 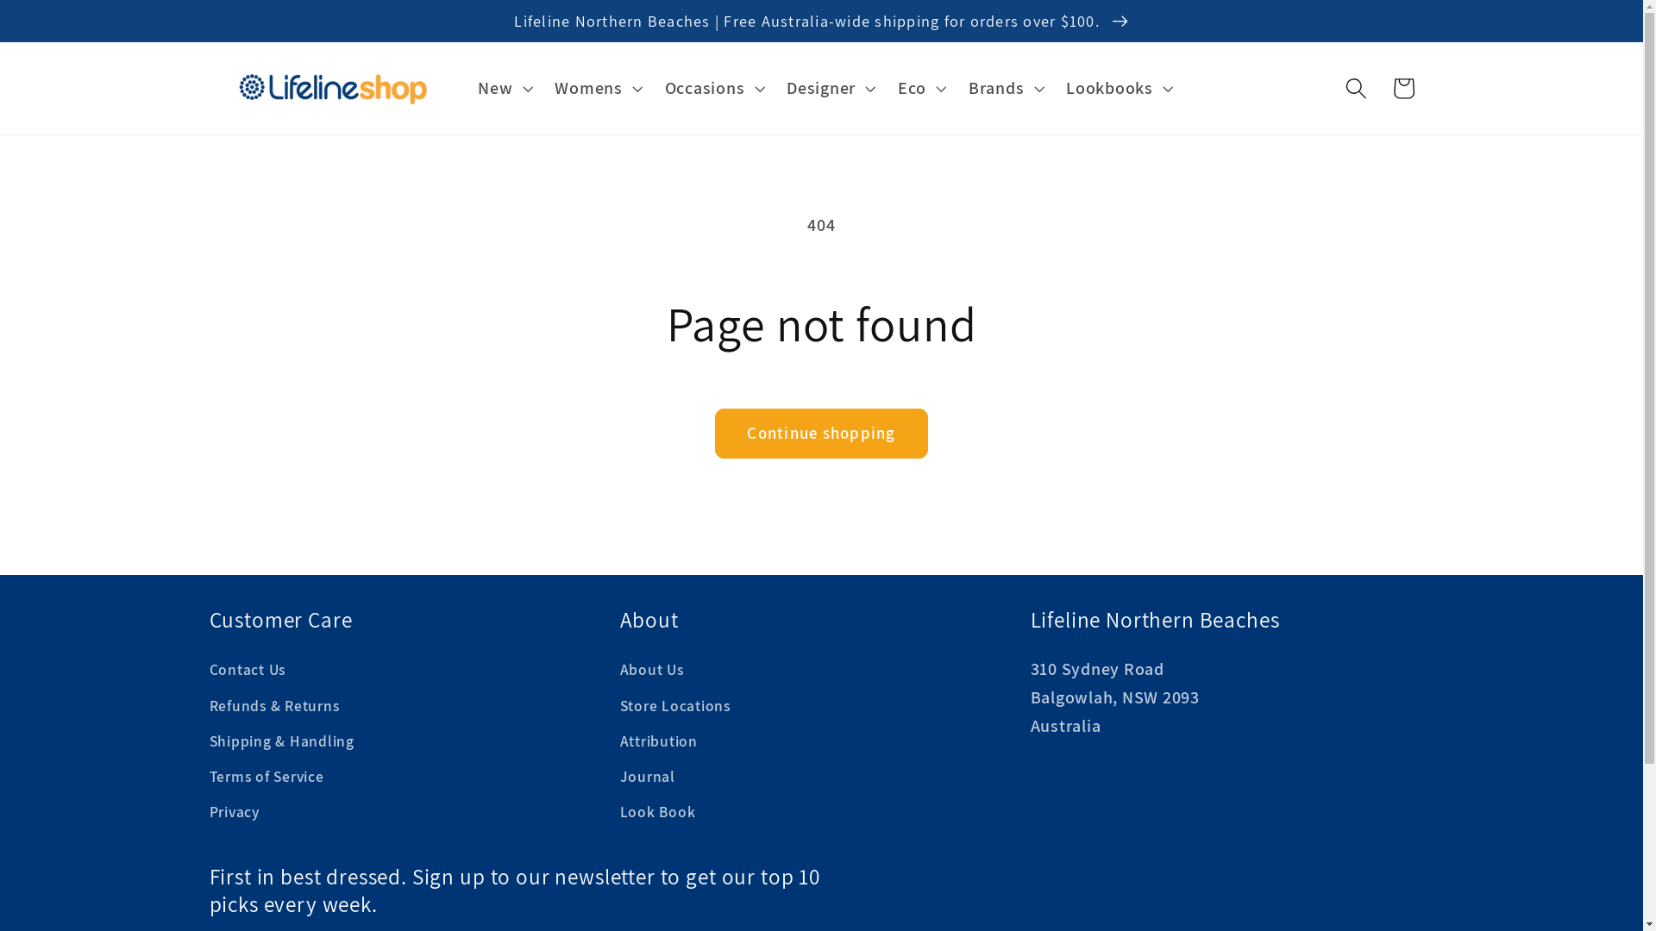 What do you see at coordinates (649, 672) in the screenshot?
I see `'About Us'` at bounding box center [649, 672].